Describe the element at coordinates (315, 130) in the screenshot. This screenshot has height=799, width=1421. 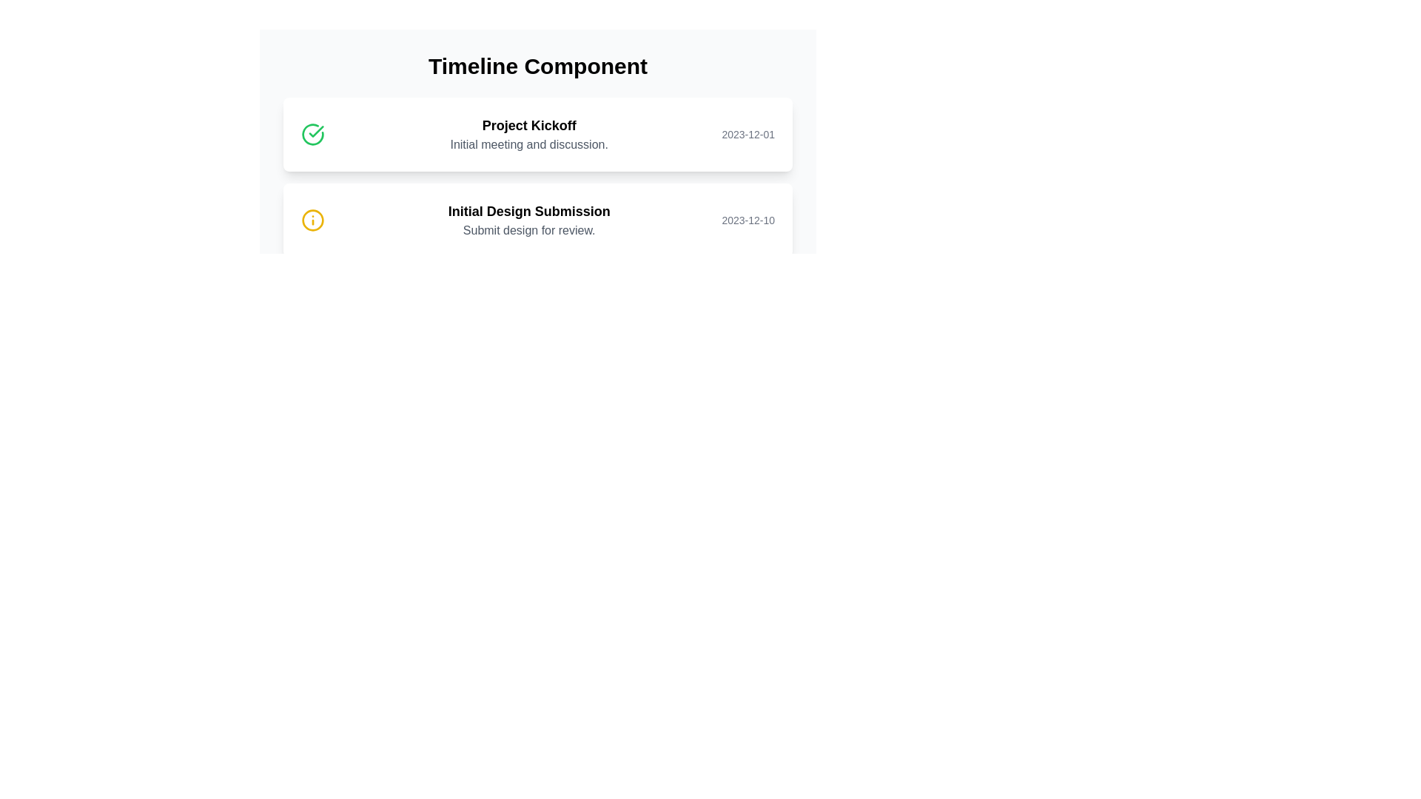
I see `the green checkmark icon representing a successful action located at the upper-left corner of the 'Project Kickoff' timeline entry` at that location.